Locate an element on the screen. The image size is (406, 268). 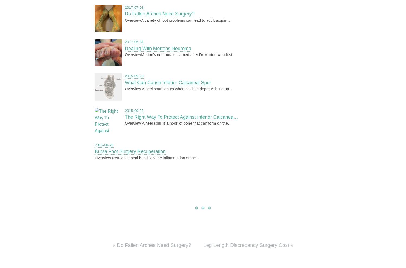
'The Right Way To Protect Against Inferior Calcanea…' is located at coordinates (124, 117).